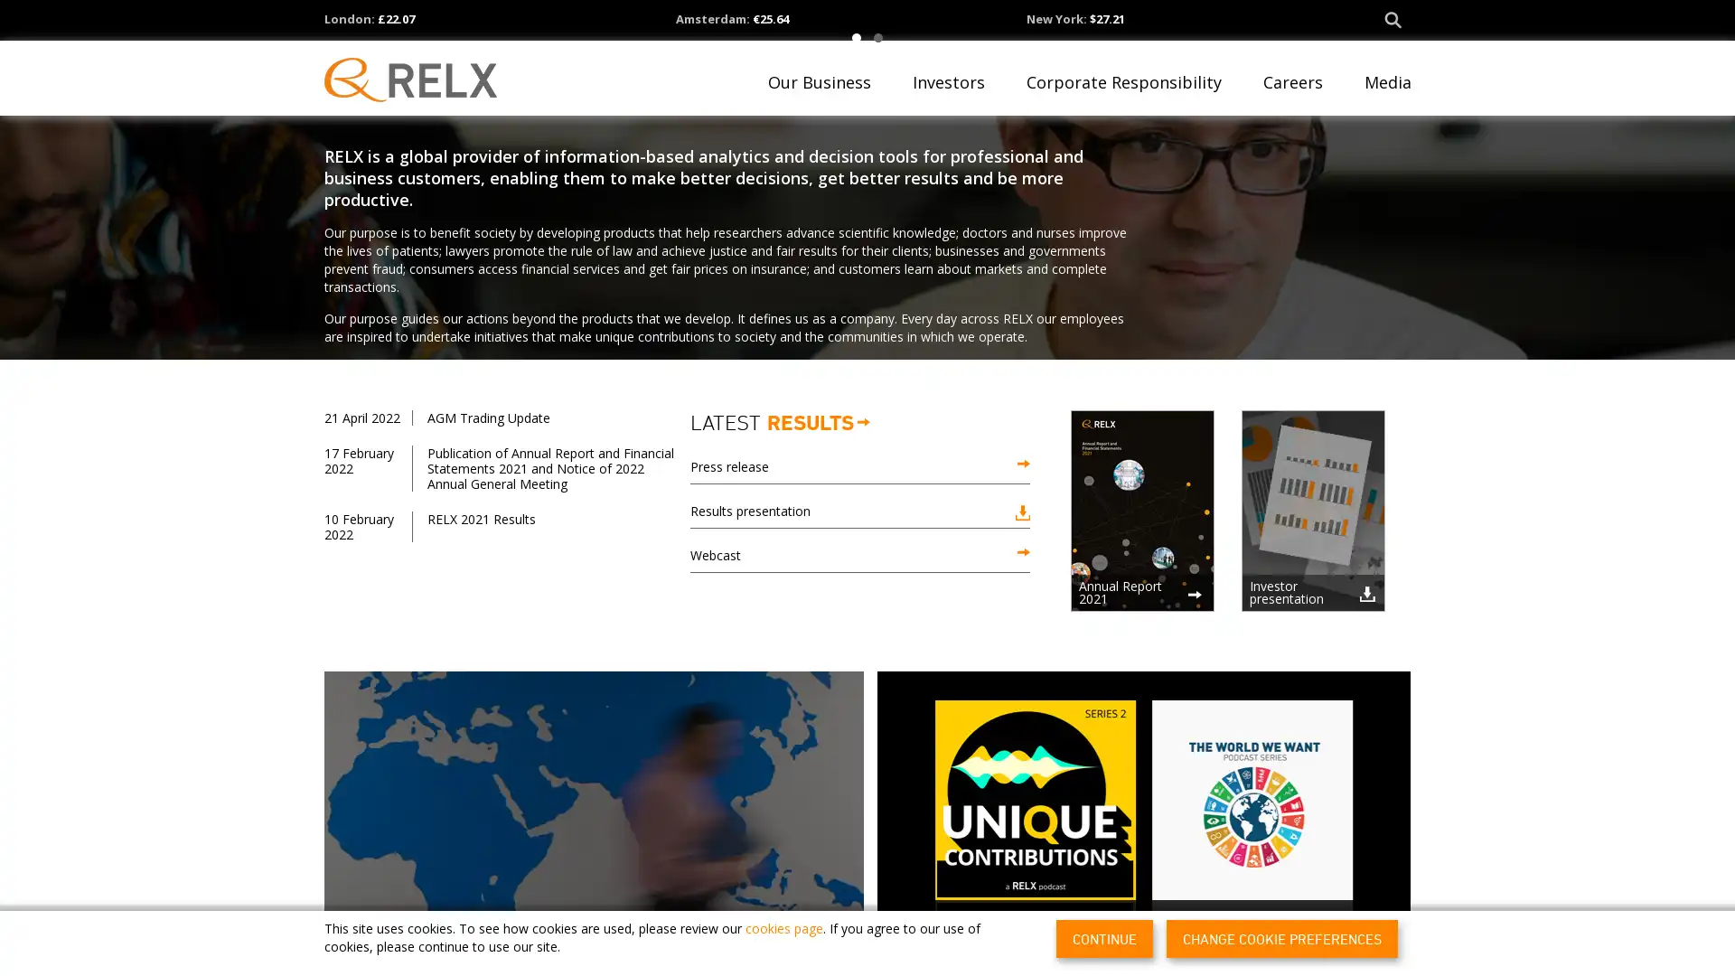  Describe the element at coordinates (1103, 937) in the screenshot. I see `CONTINUE` at that location.